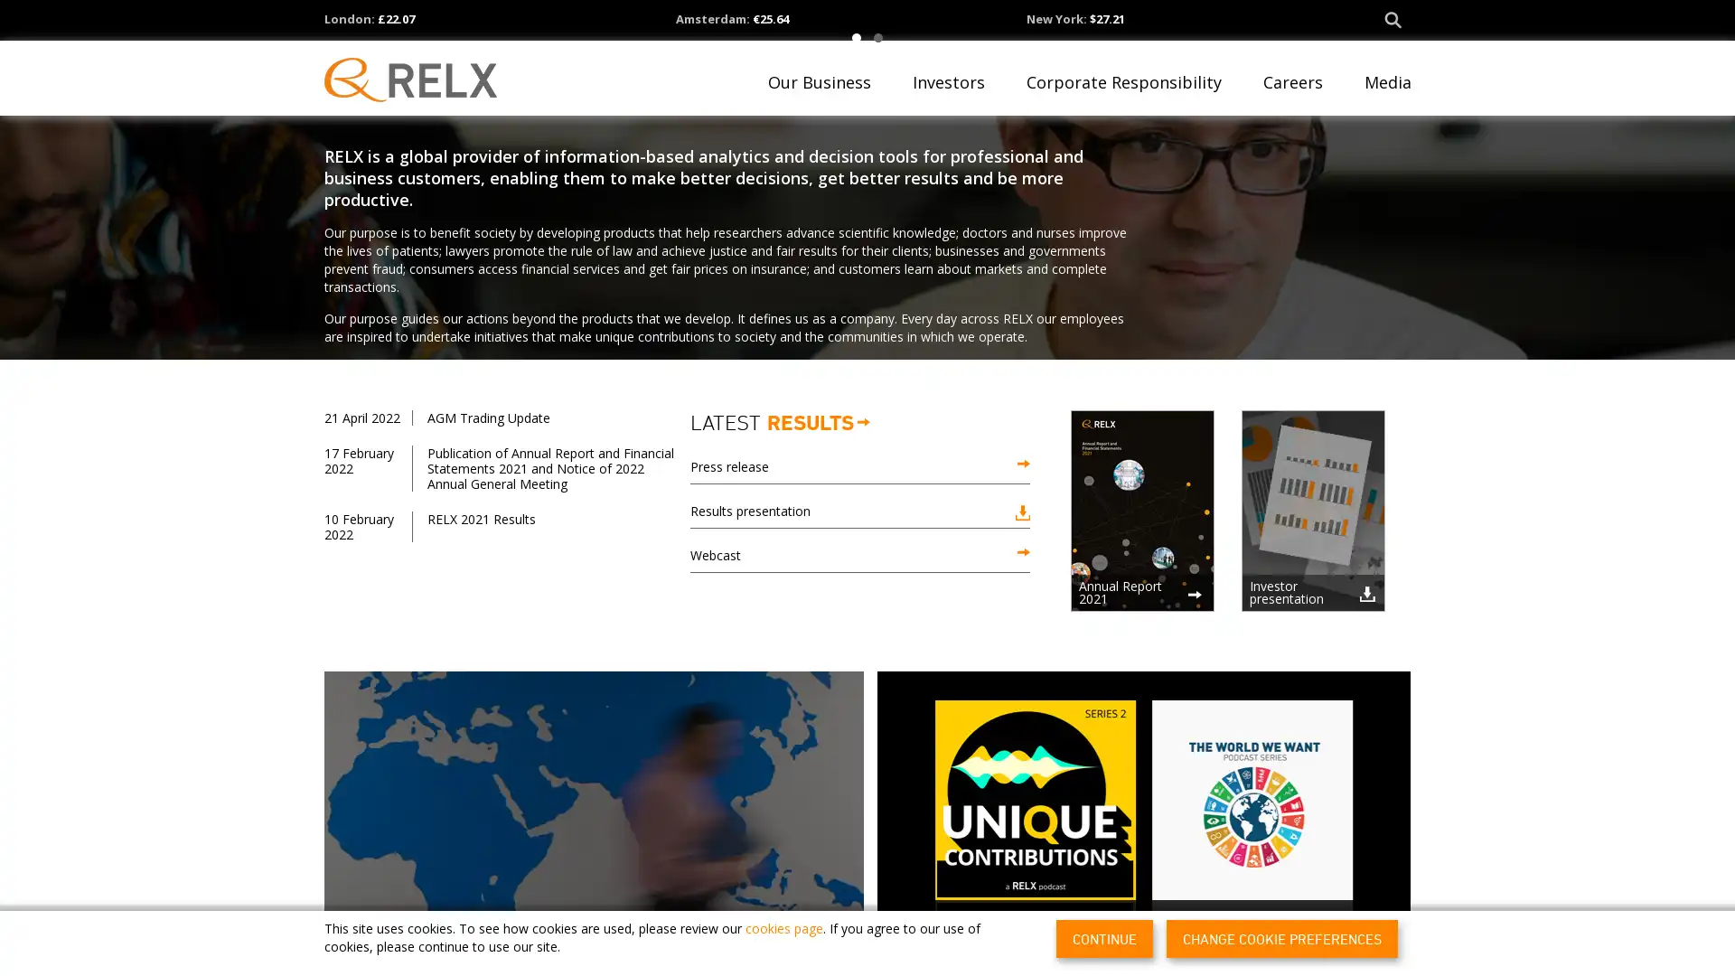  Describe the element at coordinates (1103, 937) in the screenshot. I see `CONTINUE` at that location.